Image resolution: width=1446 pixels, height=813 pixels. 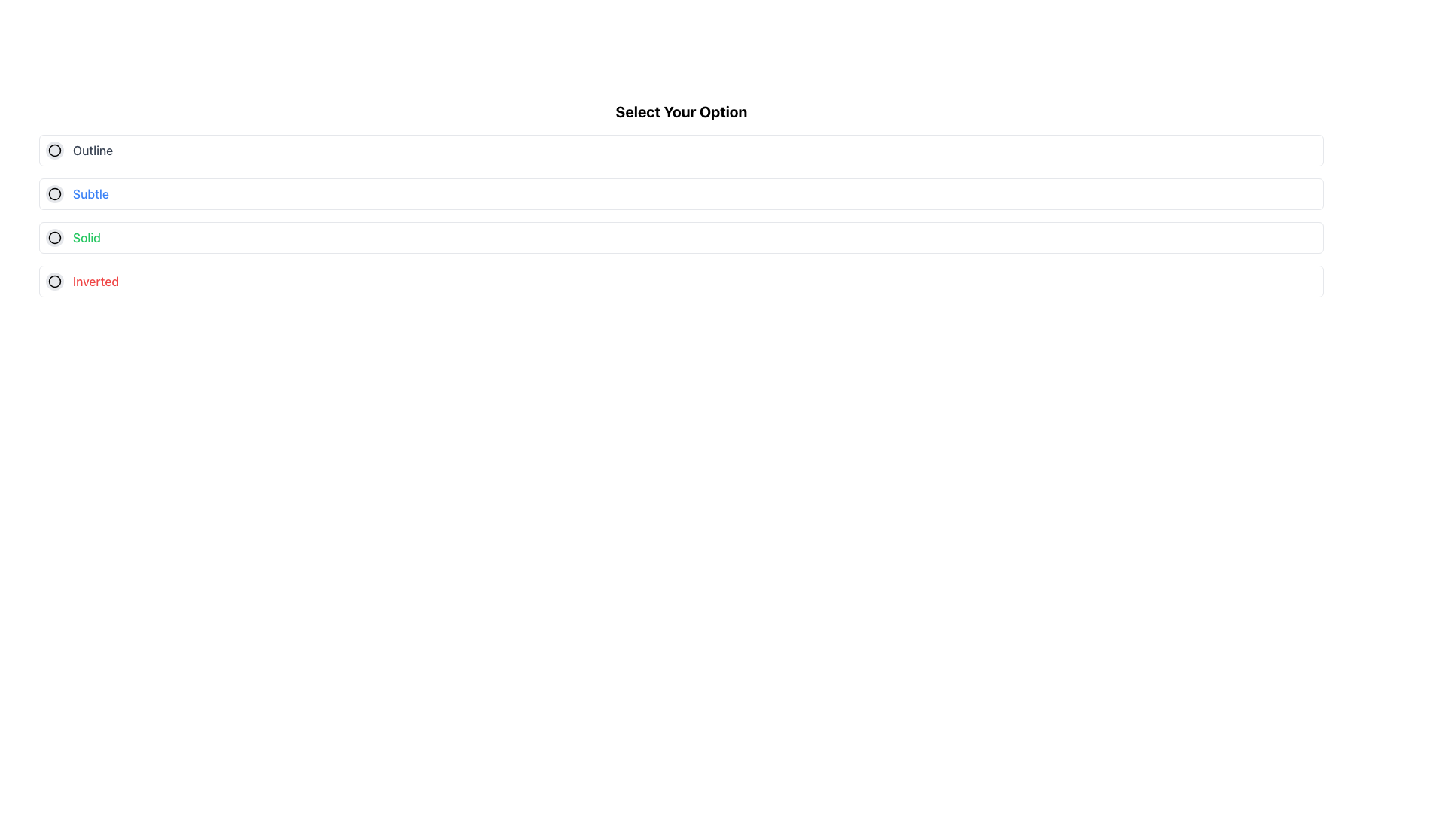 What do you see at coordinates (90, 193) in the screenshot?
I see `the text label that serves as a descriptor or identifier in a list of selectable options, located in the second row of the vertical list layout` at bounding box center [90, 193].